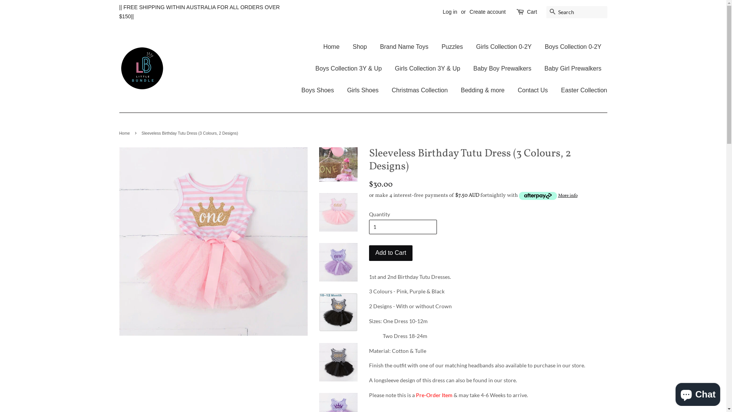 The width and height of the screenshot is (732, 412). I want to click on 'Bedding & more', so click(482, 90).